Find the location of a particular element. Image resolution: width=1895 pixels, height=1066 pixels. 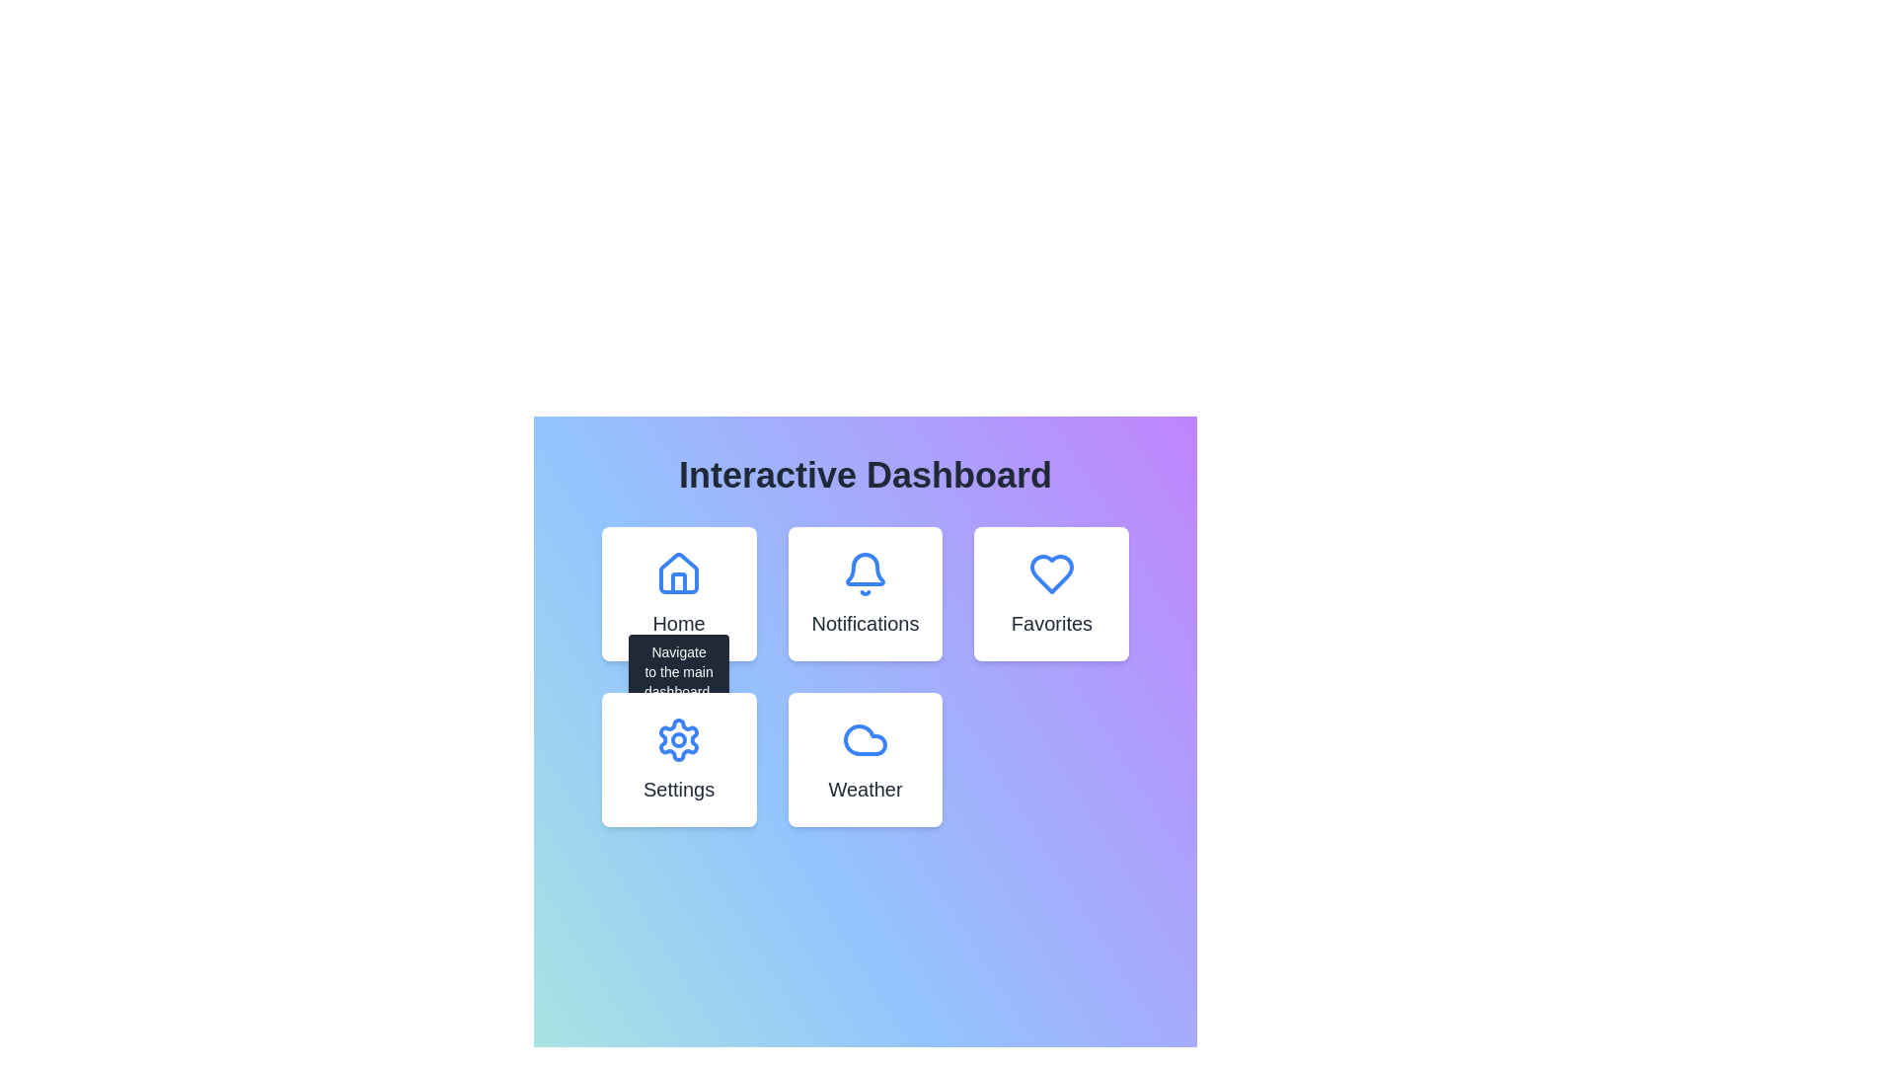

the cogwheel-shaped icon symbolizing settings, which is centered within the 'Settings' button located at the bottom-left corner of the grid layout is located at coordinates (679, 739).